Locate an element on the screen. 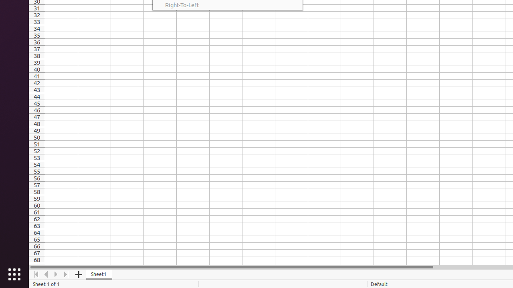 The image size is (513, 288). 'Move Right' is located at coordinates (56, 274).